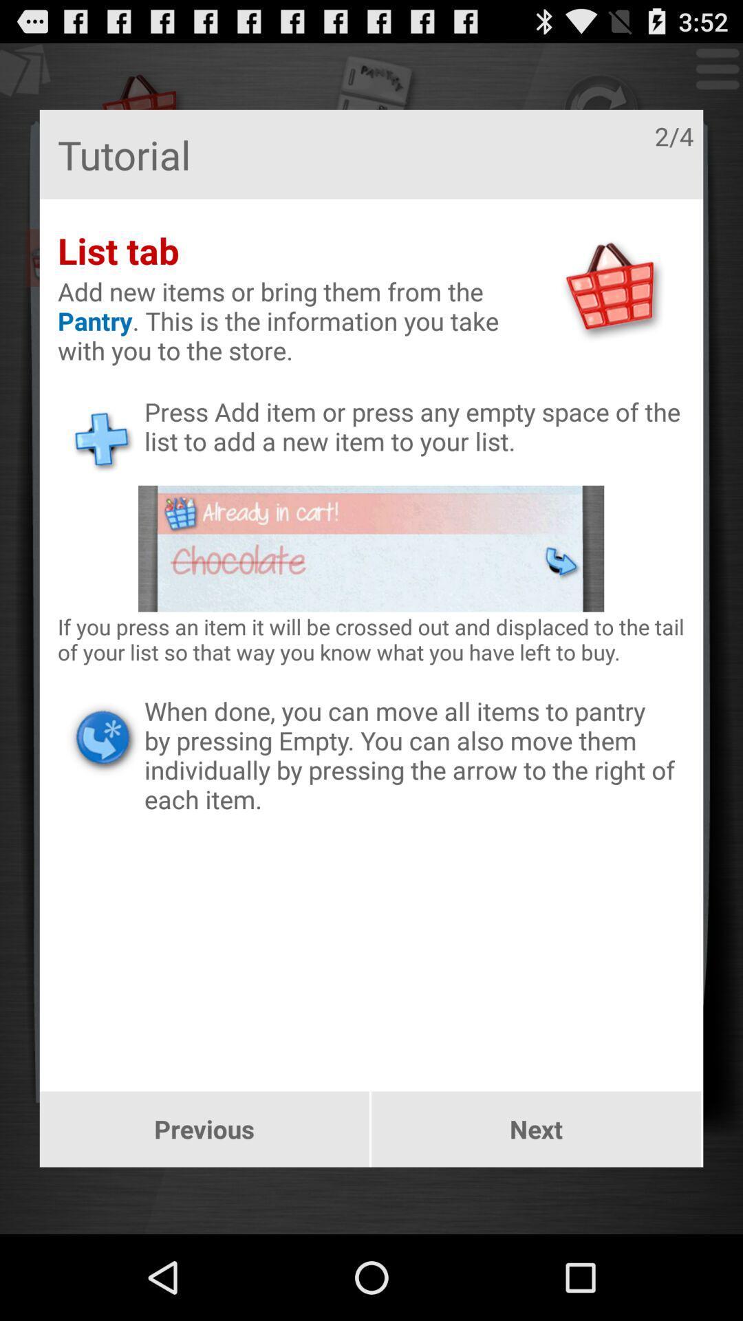 This screenshot has height=1321, width=743. What do you see at coordinates (204, 1129) in the screenshot?
I see `previous` at bounding box center [204, 1129].